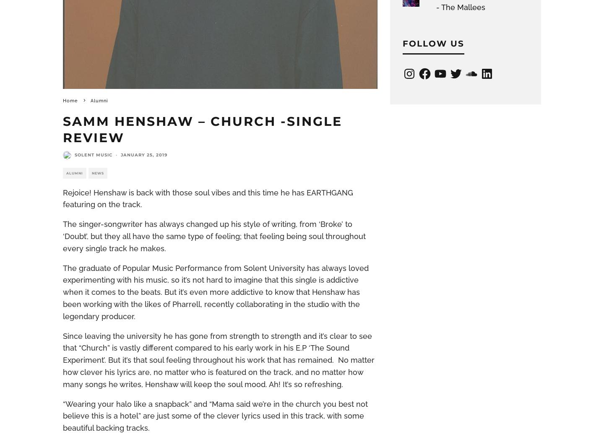  What do you see at coordinates (62, 291) in the screenshot?
I see `'The graduate of Popular Music Performance from Solent
University has always loved experimenting with his music, so it’s not hard to
imagine that this single is addictive when it comes to the beats. But it’s even
more addictive to know that Henshaw has been working with the likes of Pharrell,
recently collaborating in the studio with the legendary producer.'` at bounding box center [62, 291].